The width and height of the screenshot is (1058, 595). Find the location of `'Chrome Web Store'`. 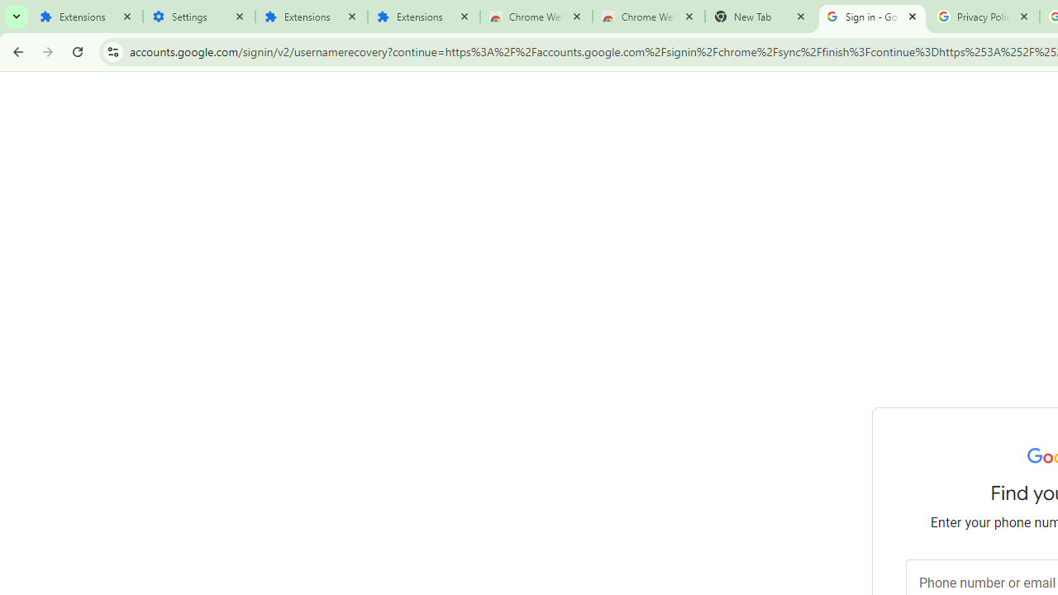

'Chrome Web Store' is located at coordinates (536, 17).